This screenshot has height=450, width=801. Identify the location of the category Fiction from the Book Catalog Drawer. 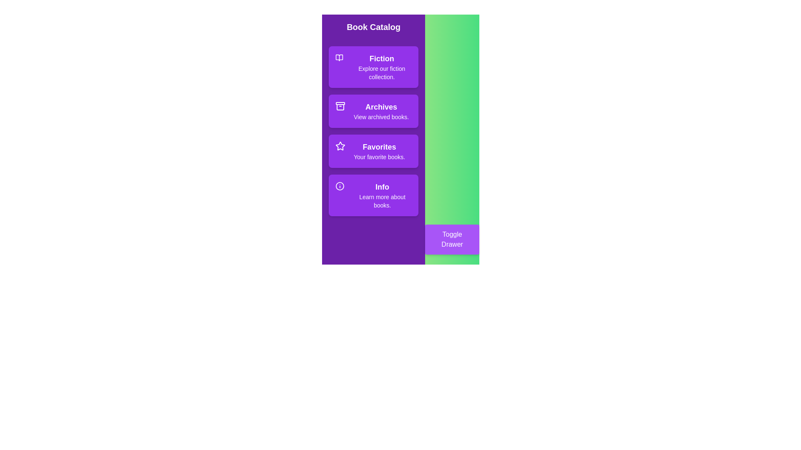
(373, 67).